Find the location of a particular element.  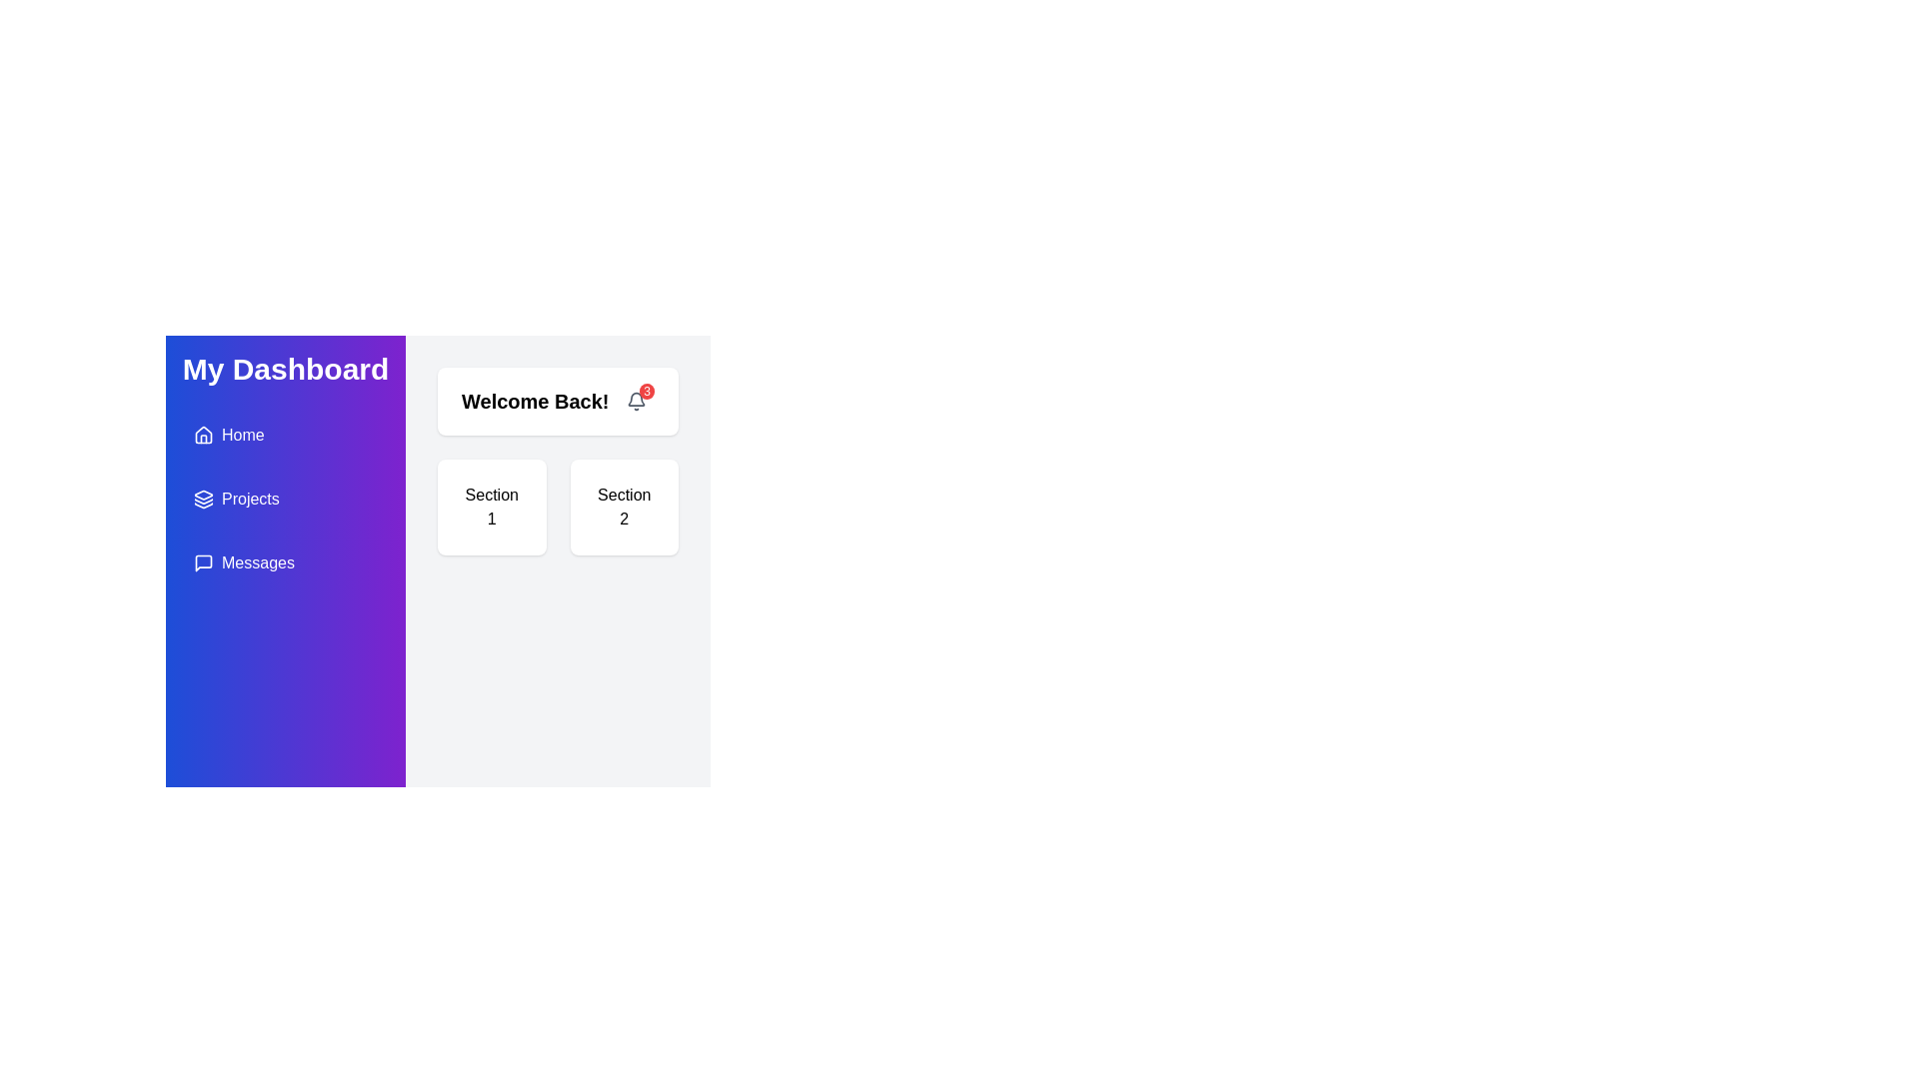

the 'Welcome Back!' text label is located at coordinates (535, 401).